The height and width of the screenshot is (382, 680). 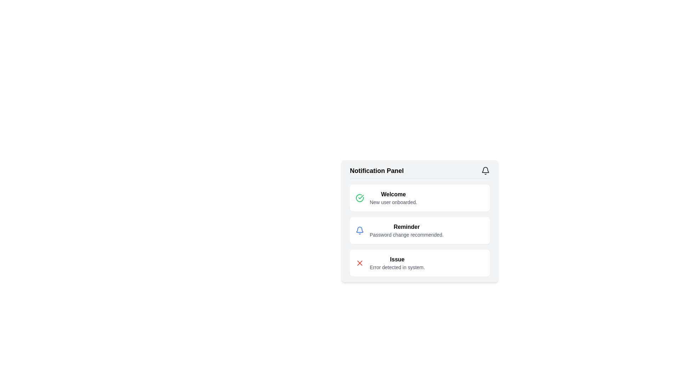 I want to click on the third notification item in the Notification Panel, which indicates an error with the bold text 'Issue' and smaller text 'Error detected in system.', so click(x=420, y=263).